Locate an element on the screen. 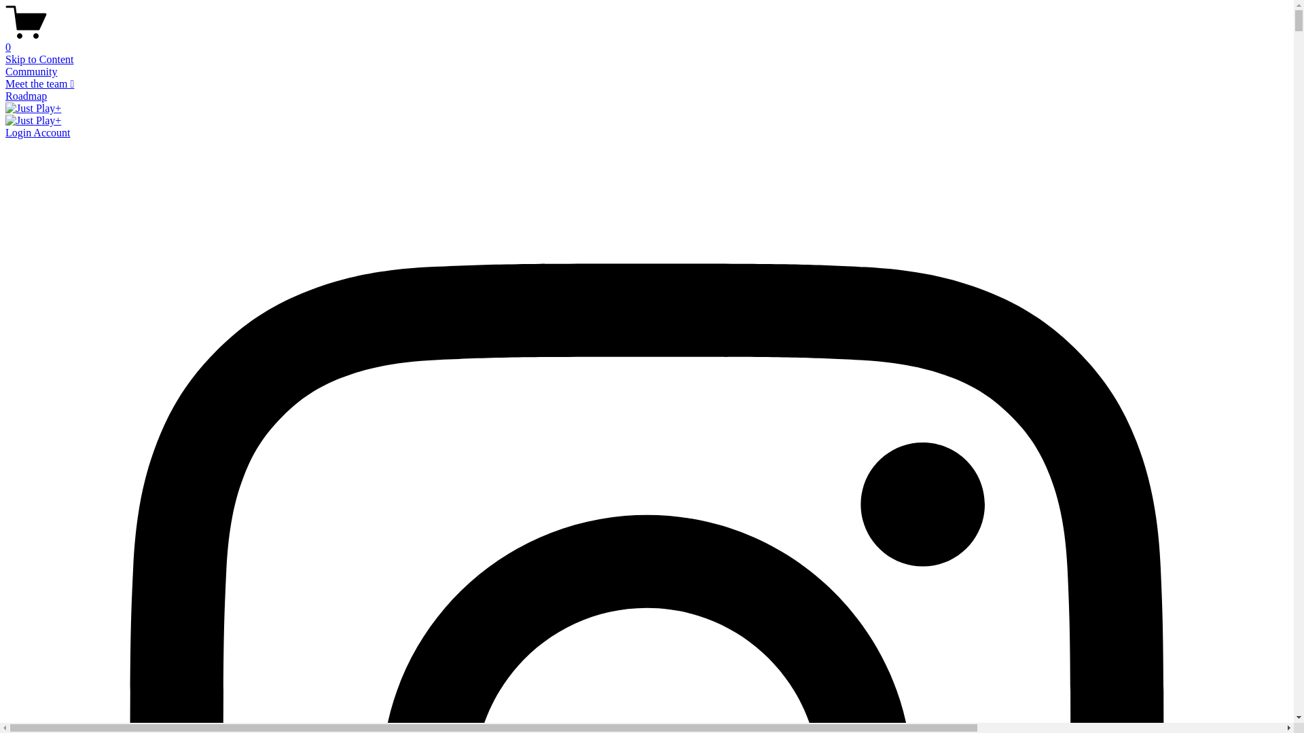 The width and height of the screenshot is (1304, 733). 'Community' is located at coordinates (31, 71).